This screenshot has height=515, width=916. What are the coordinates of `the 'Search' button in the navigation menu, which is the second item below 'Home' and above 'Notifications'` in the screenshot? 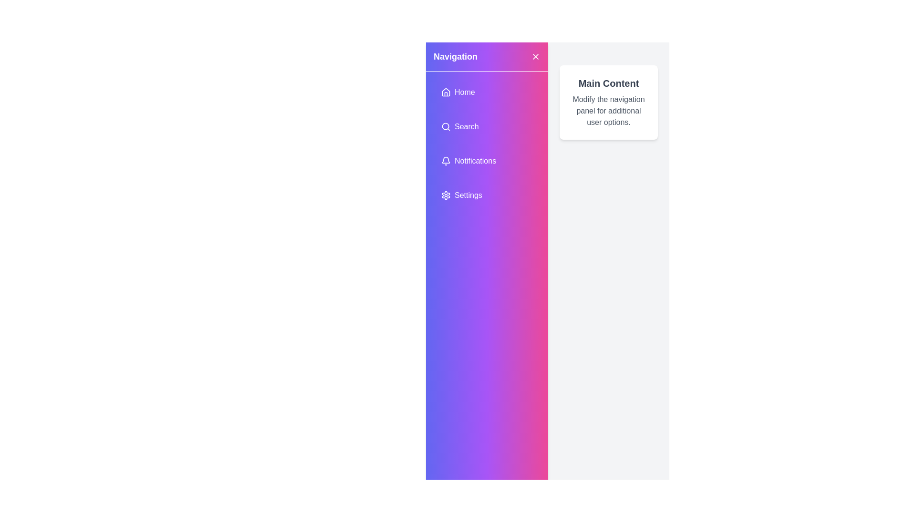 It's located at (460, 126).